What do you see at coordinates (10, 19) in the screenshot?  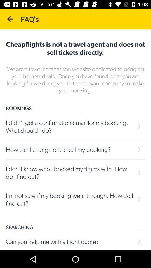 I see `icon to the left of the faq's item` at bounding box center [10, 19].